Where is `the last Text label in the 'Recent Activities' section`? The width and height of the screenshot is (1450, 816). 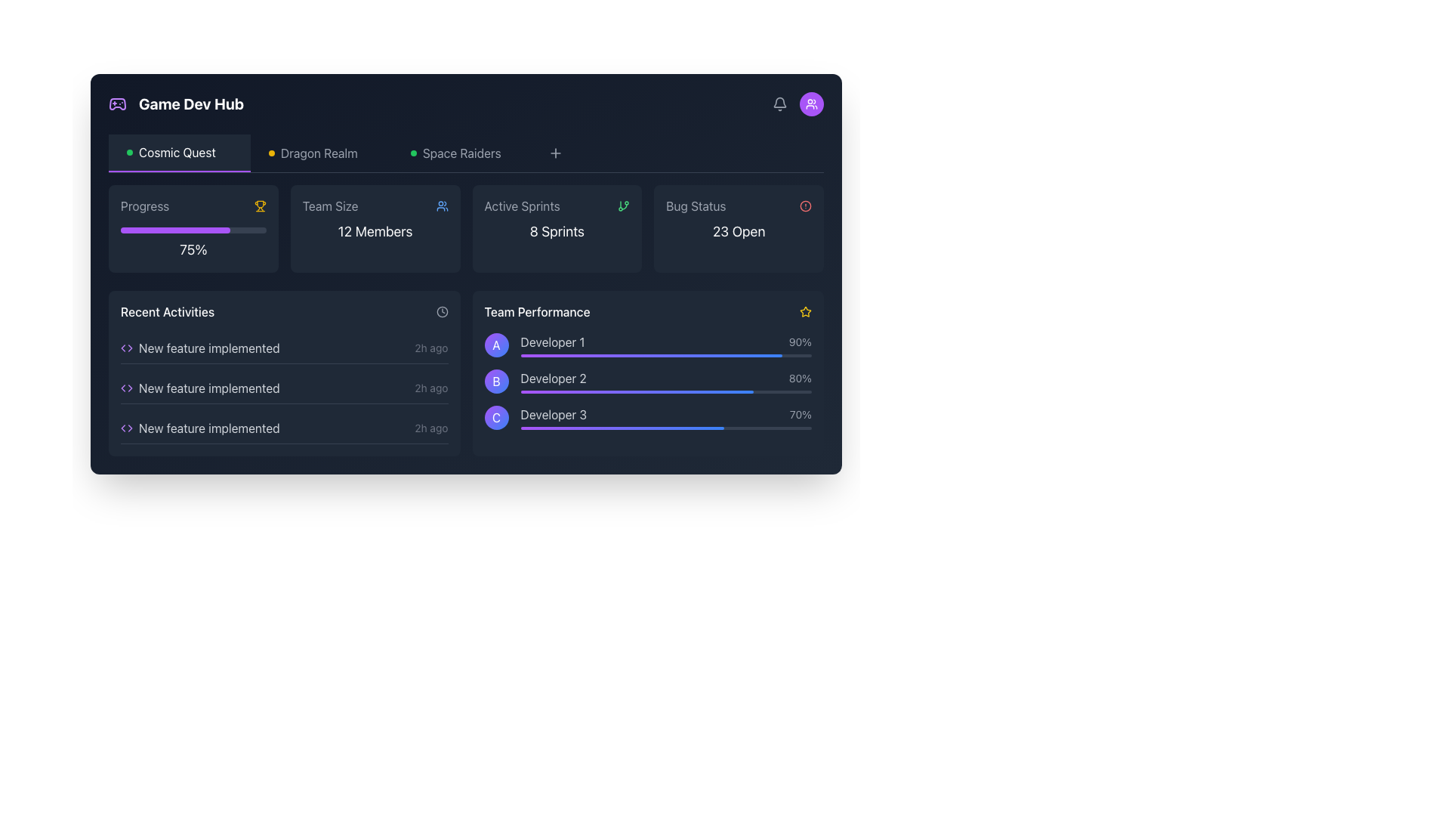 the last Text label in the 'Recent Activities' section is located at coordinates (208, 428).